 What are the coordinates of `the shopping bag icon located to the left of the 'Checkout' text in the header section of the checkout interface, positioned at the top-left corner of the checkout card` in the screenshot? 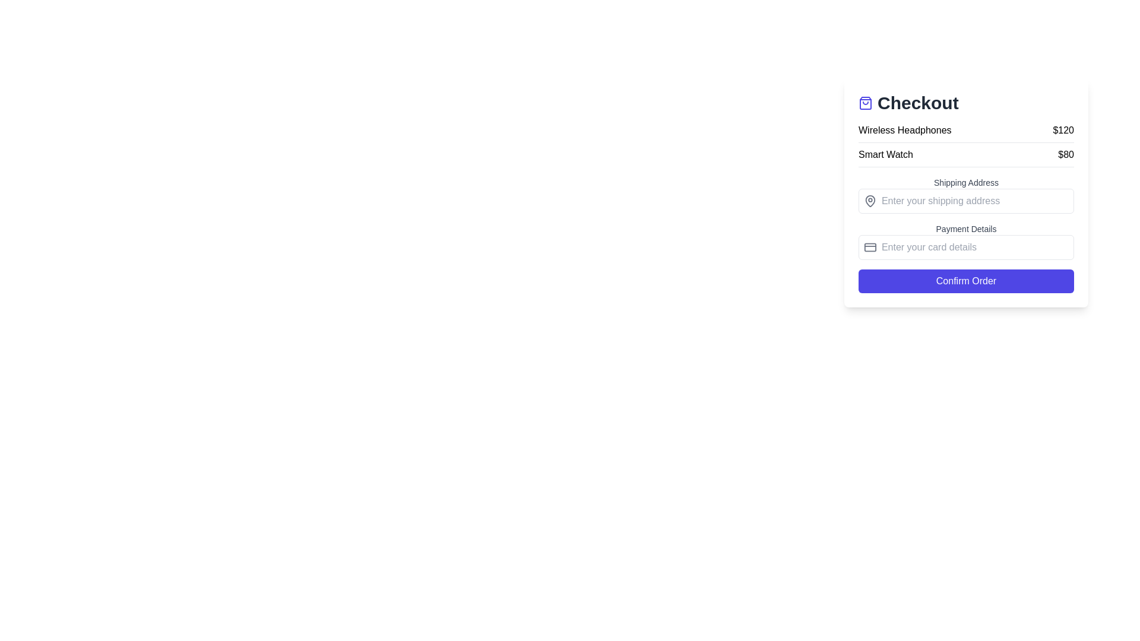 It's located at (866, 102).